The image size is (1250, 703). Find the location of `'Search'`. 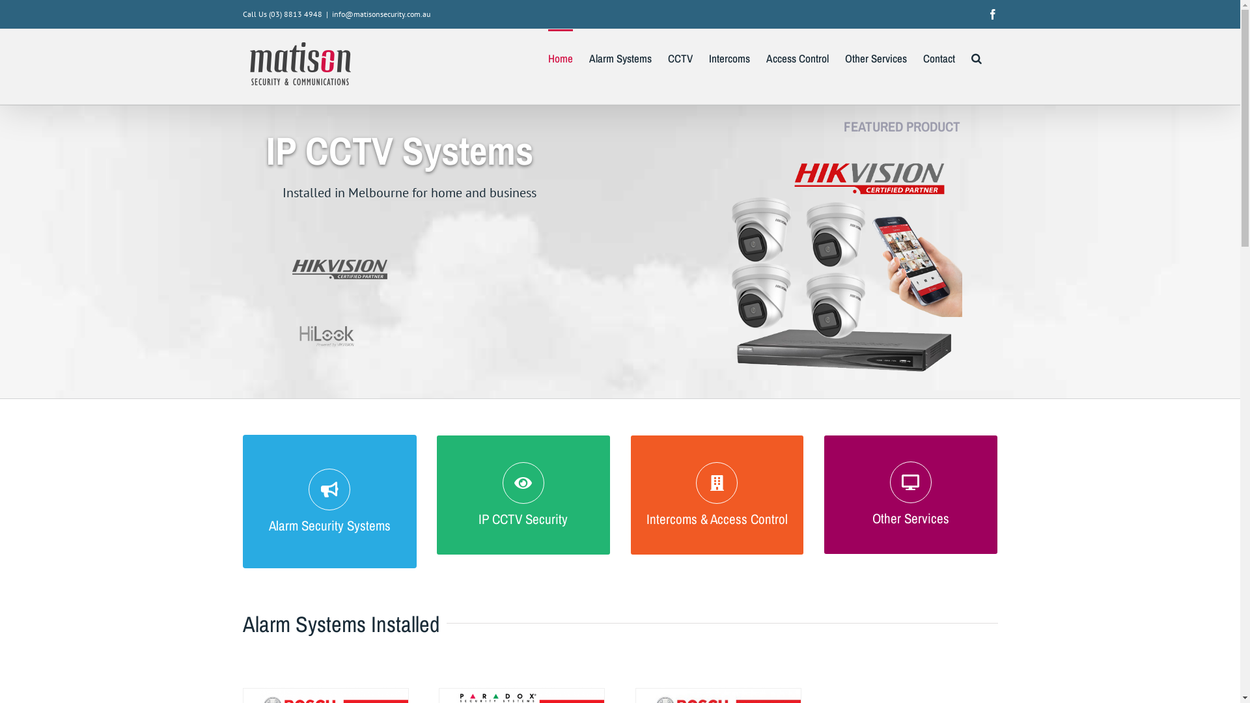

'Search' is located at coordinates (976, 57).